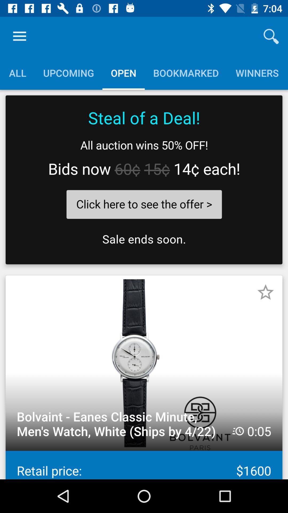 The height and width of the screenshot is (513, 288). I want to click on from the top all texts which are in blue background, so click(143, 73).